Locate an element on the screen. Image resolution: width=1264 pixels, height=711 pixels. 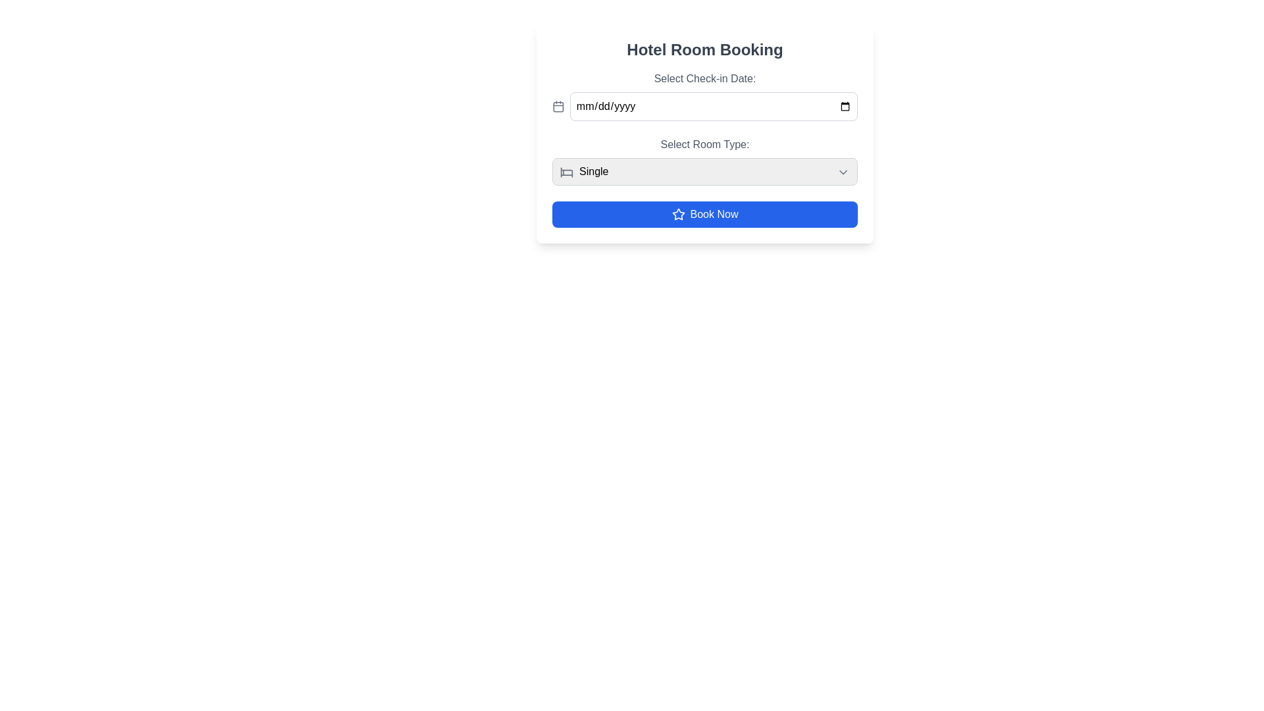
the dropdown menu labeled 'Select Room Type:' which currently displays 'Single' is located at coordinates (704, 161).